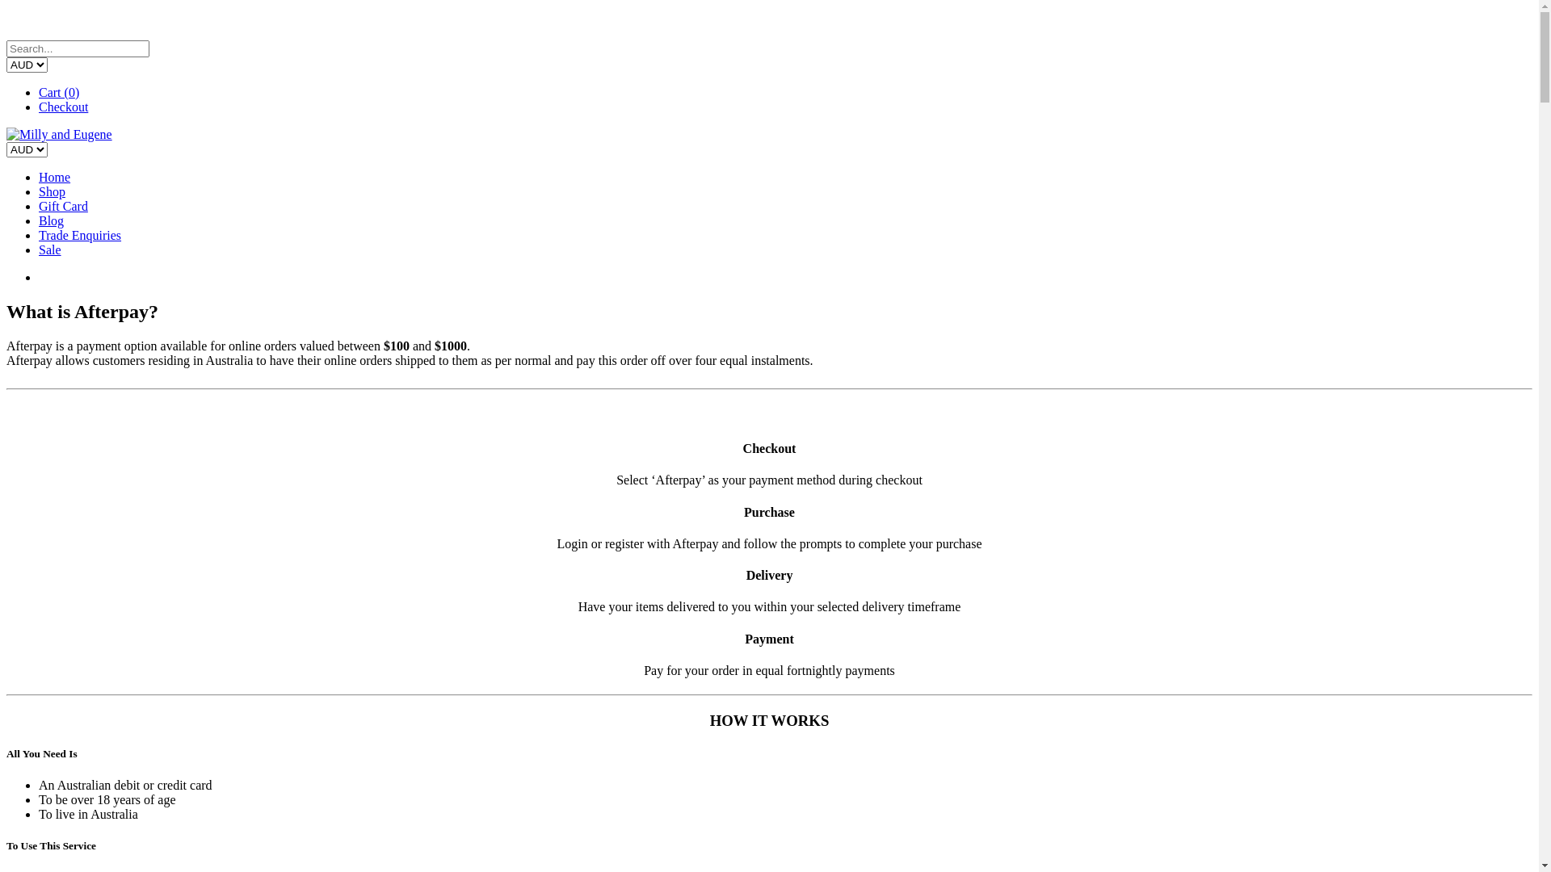  Describe the element at coordinates (52, 191) in the screenshot. I see `'Shop'` at that location.